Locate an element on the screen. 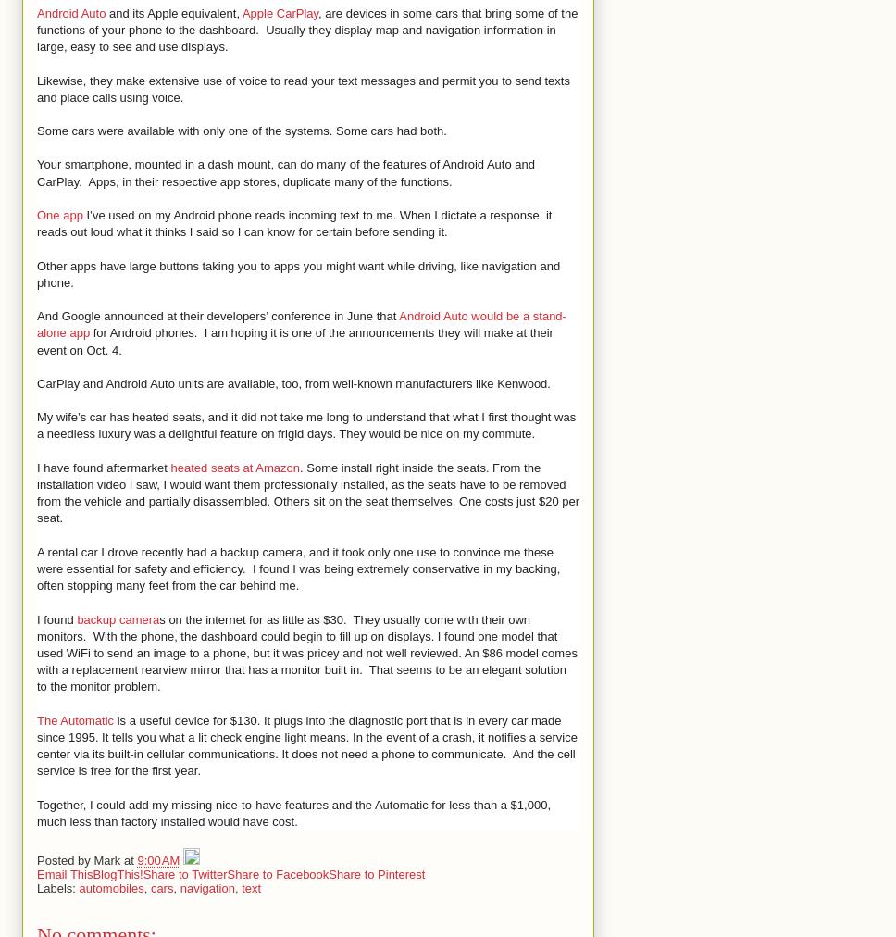  'Some cars were available with only one of the systems. Some cars had both.' is located at coordinates (36, 131).